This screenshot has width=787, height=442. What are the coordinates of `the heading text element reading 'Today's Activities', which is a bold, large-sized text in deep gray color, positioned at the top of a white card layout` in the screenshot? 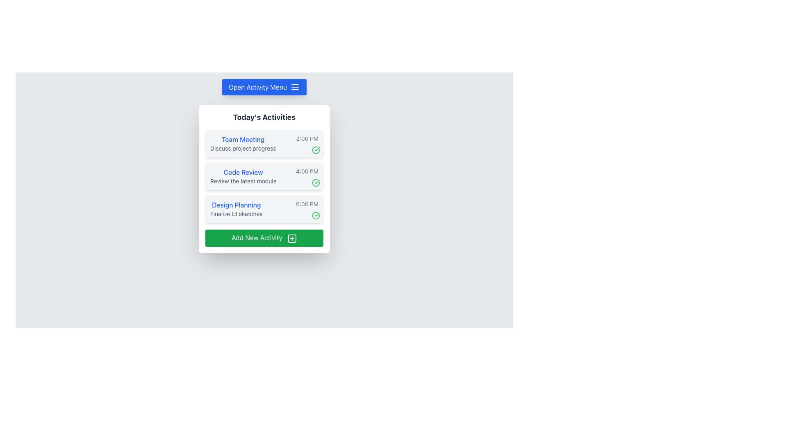 It's located at (264, 117).